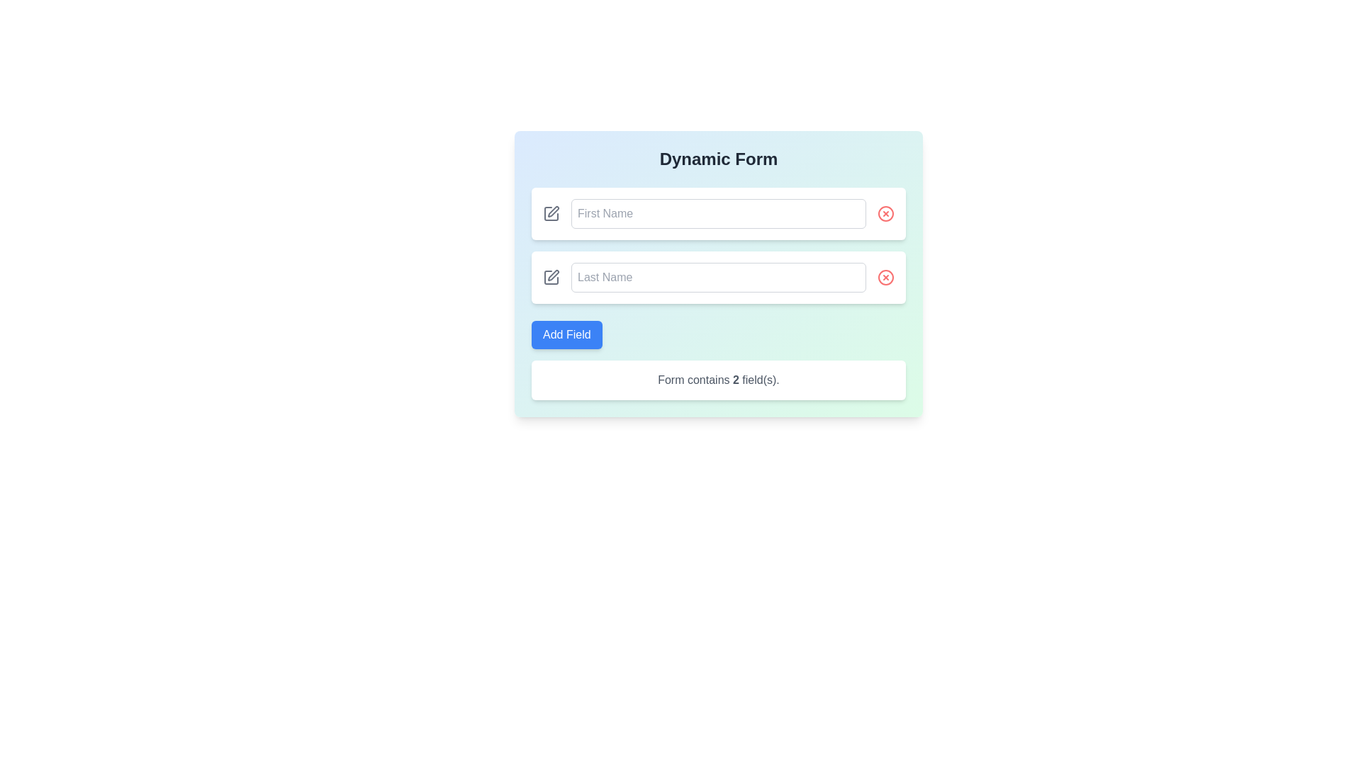  What do you see at coordinates (566, 335) in the screenshot?
I see `the button below the 'First Name' and 'Last Name' input fields` at bounding box center [566, 335].